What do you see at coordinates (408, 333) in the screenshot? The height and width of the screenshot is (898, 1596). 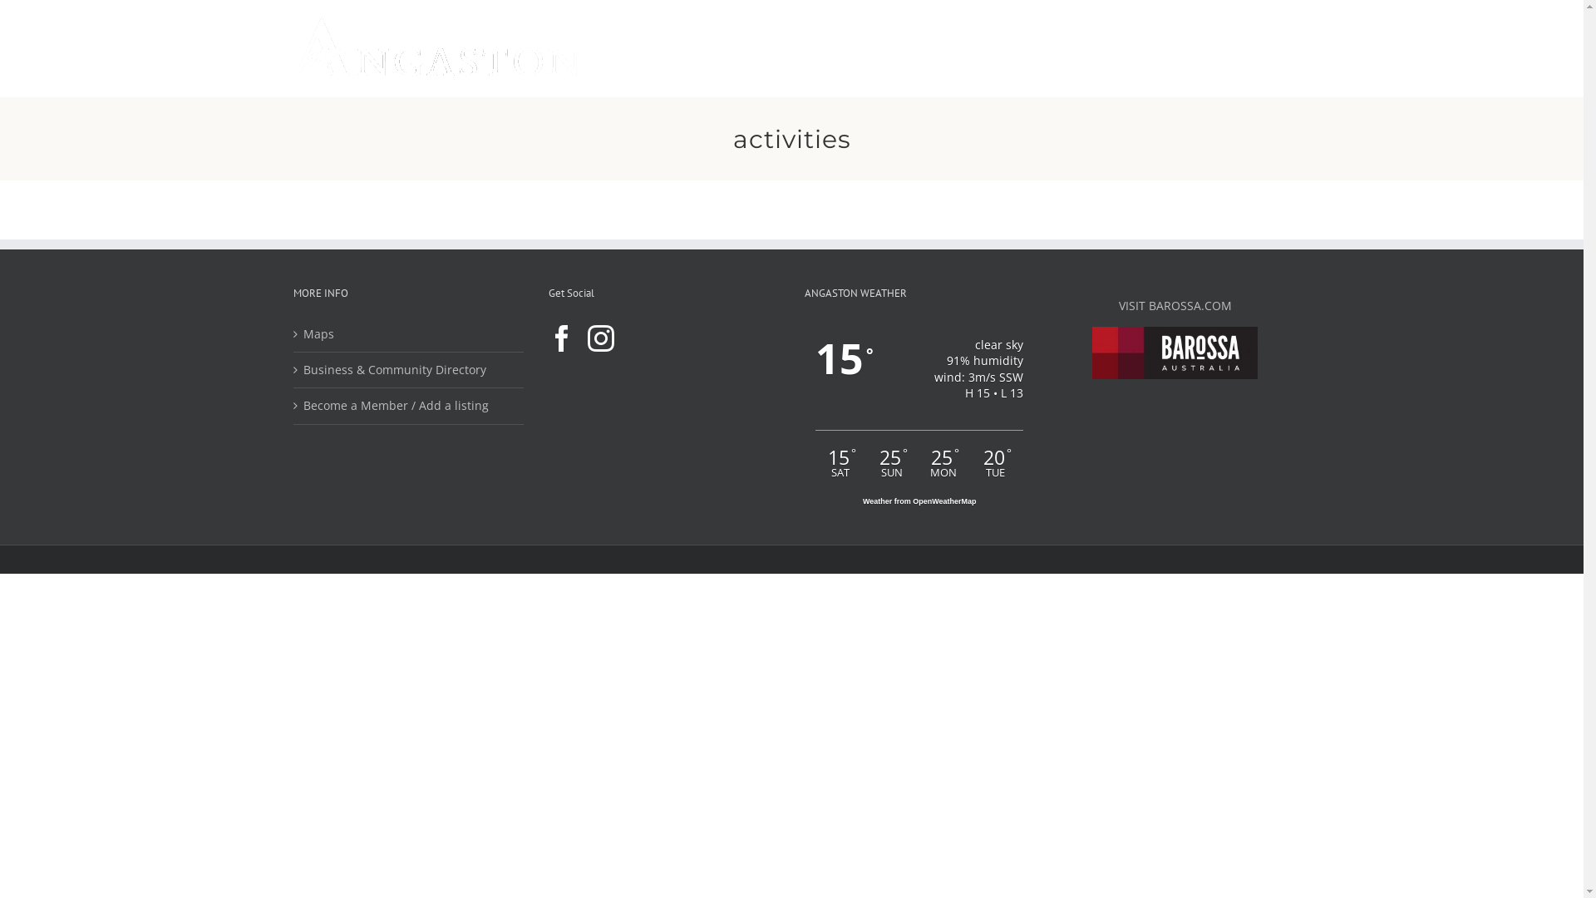 I see `'Maps'` at bounding box center [408, 333].